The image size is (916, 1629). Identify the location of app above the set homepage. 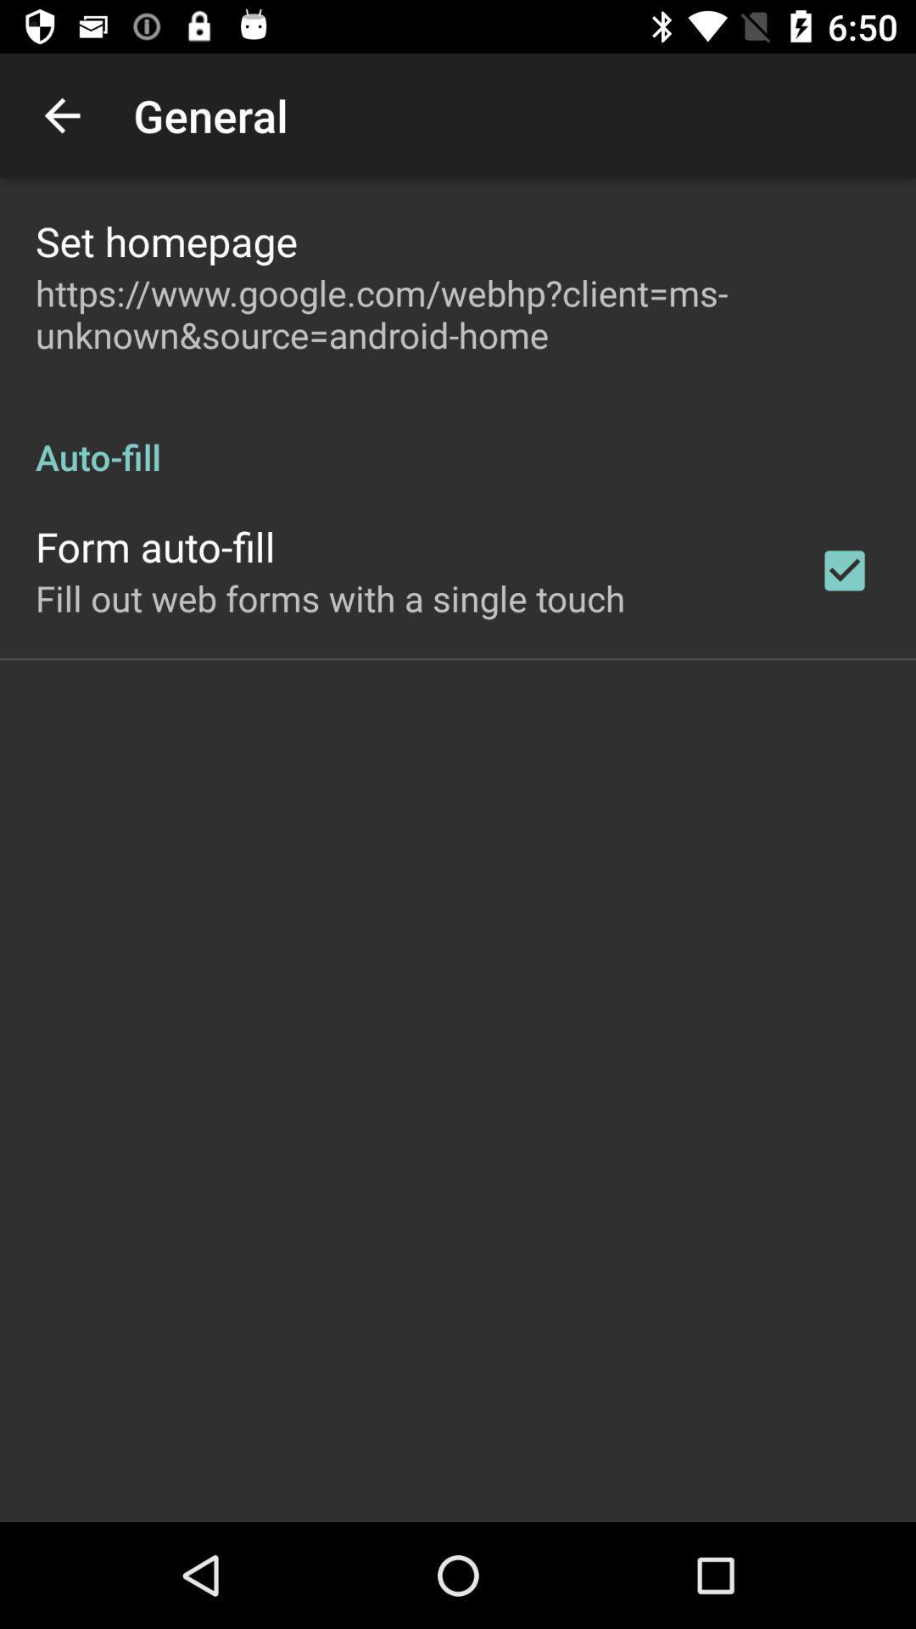
(61, 115).